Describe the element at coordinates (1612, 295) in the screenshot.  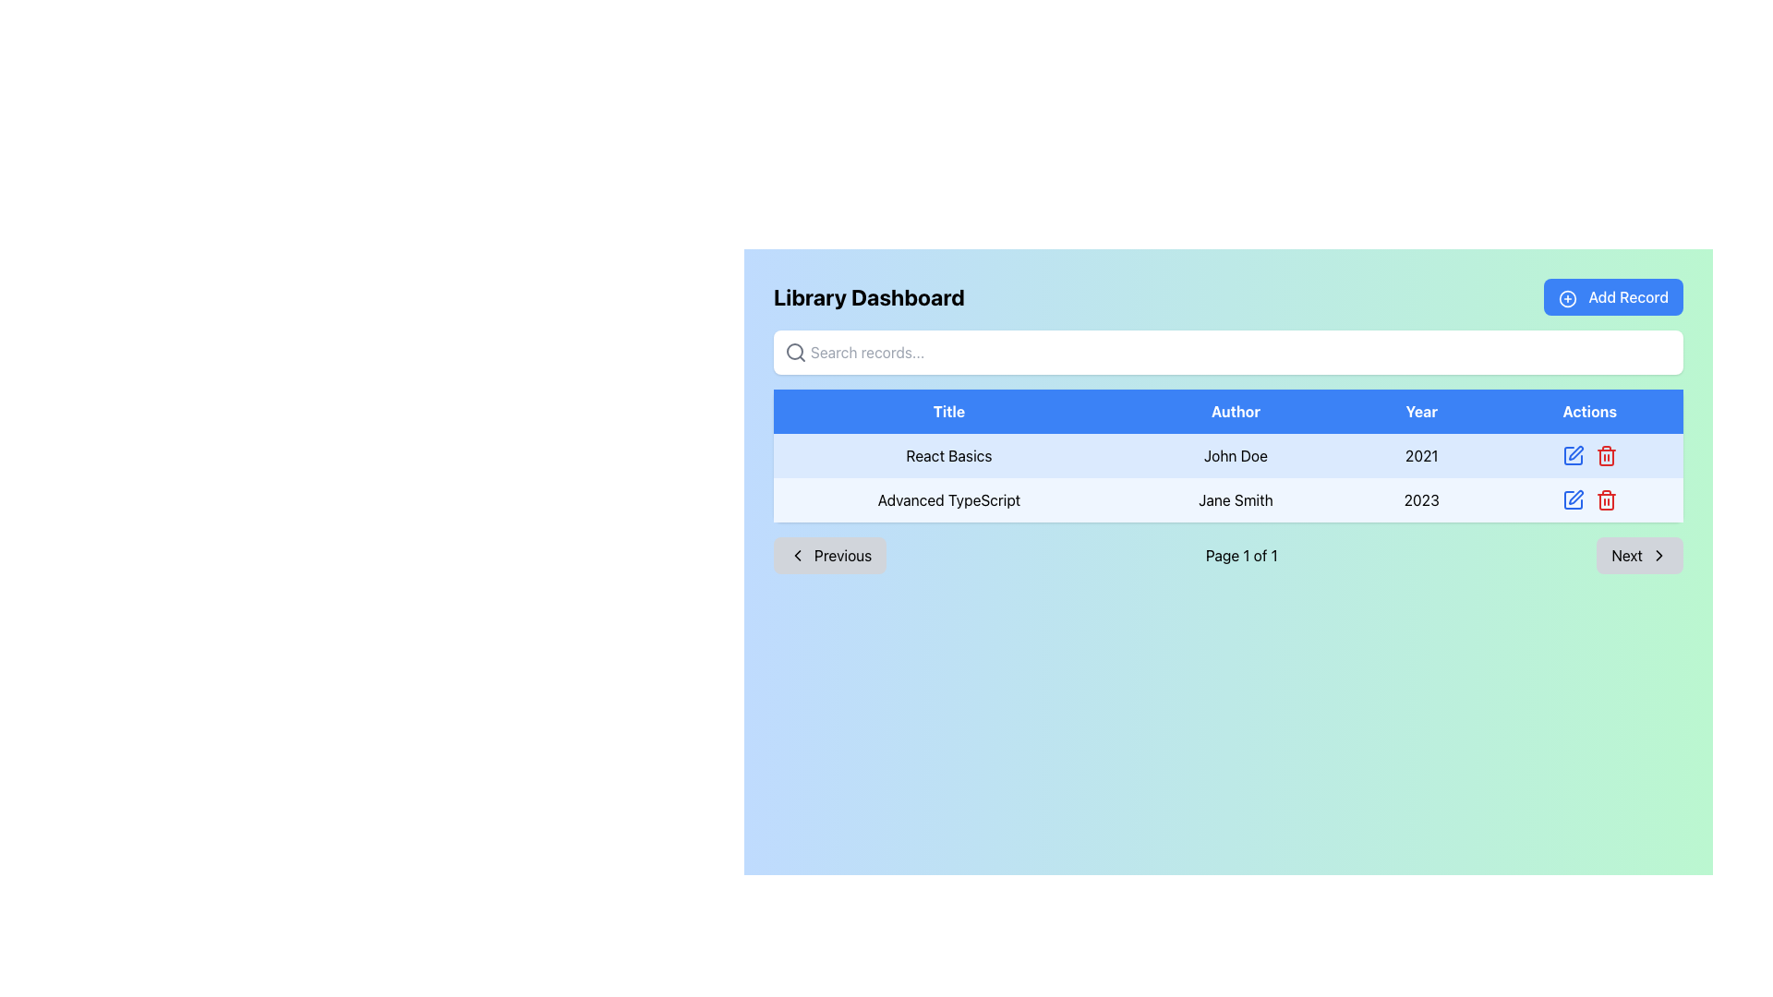
I see `the 'Add Record' button, which is a rectangular button with a blue background and white text, located at the top-right corner of the interface` at that location.